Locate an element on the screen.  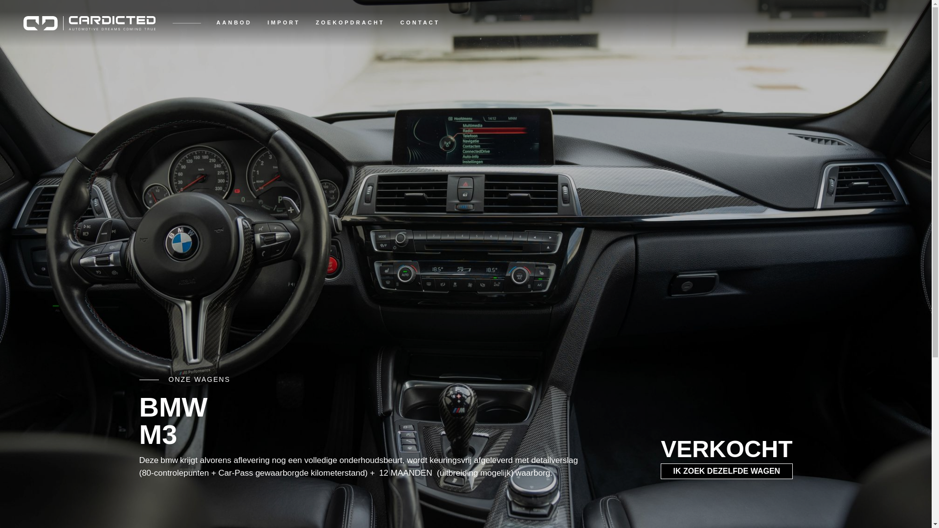
'CONTACT' is located at coordinates (420, 22).